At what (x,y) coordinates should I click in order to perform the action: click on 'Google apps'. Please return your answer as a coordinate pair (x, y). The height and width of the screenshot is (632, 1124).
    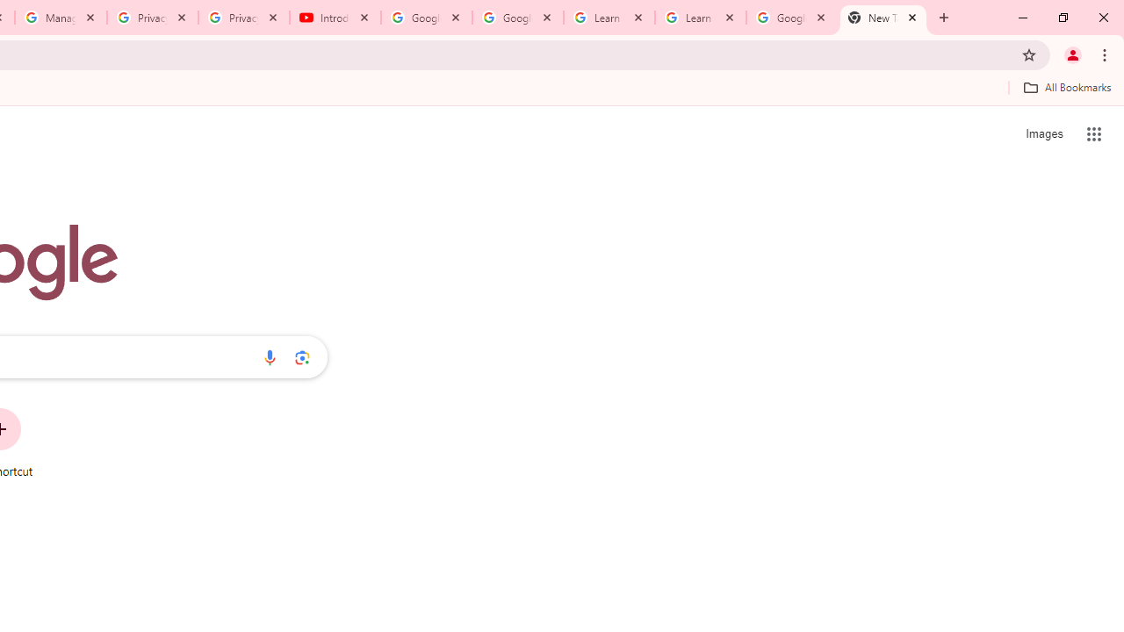
    Looking at the image, I should click on (1093, 133).